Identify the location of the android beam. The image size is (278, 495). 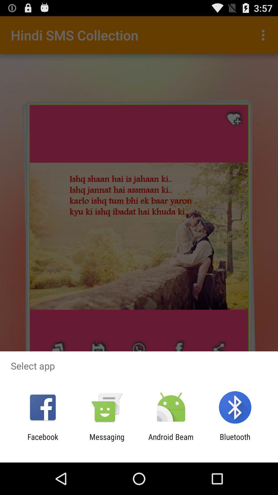
(171, 441).